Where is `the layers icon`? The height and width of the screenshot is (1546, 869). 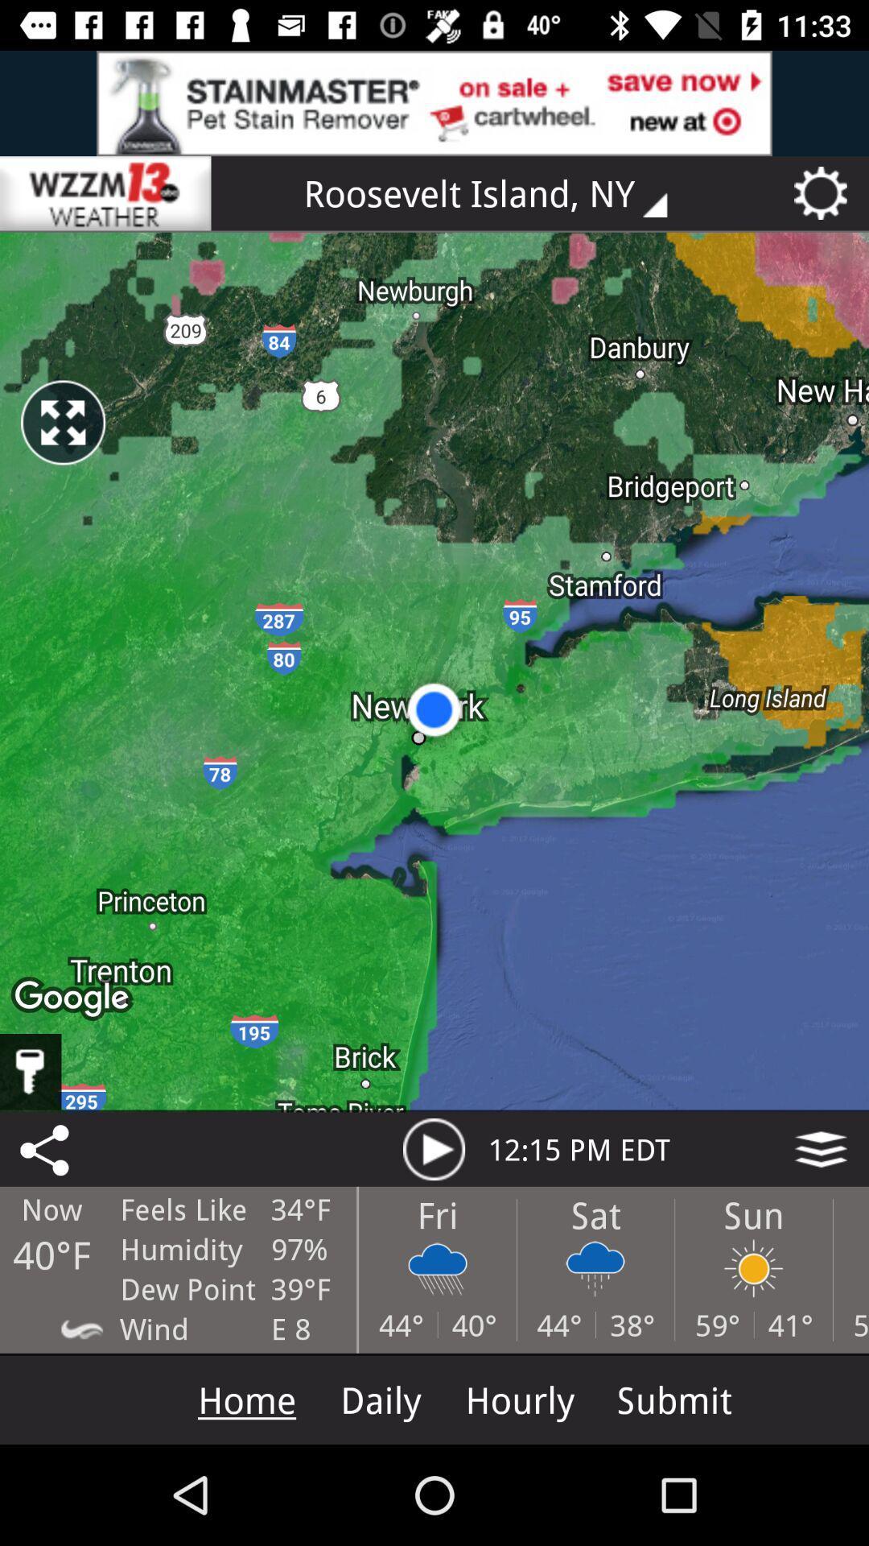
the layers icon is located at coordinates (821, 1148).